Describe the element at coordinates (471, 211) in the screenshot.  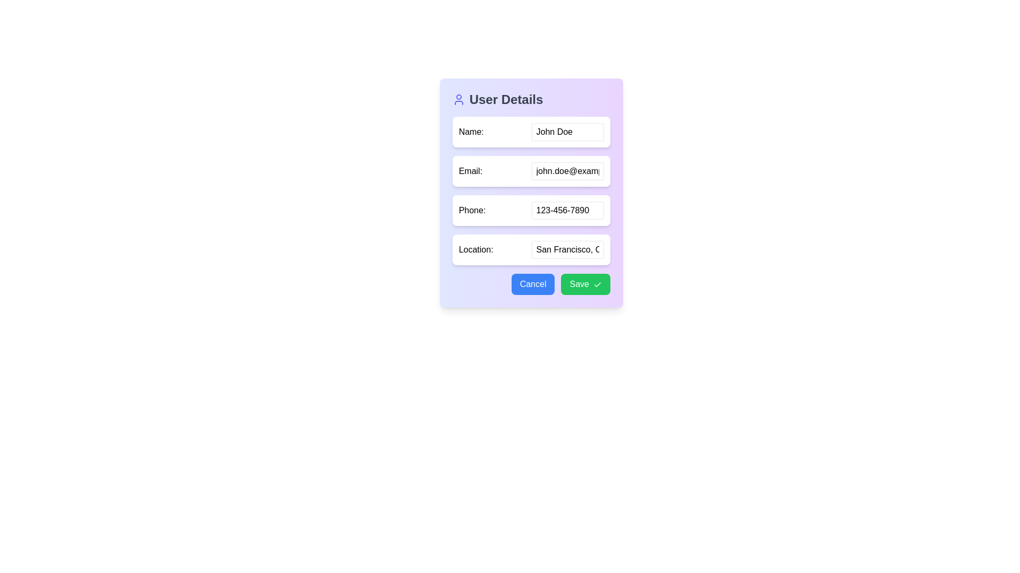
I see `the 'Phone:' label in the user detail card, which is positioned to the left of the phone number input field and aligned with other labels such as 'Name' and 'Email'` at that location.